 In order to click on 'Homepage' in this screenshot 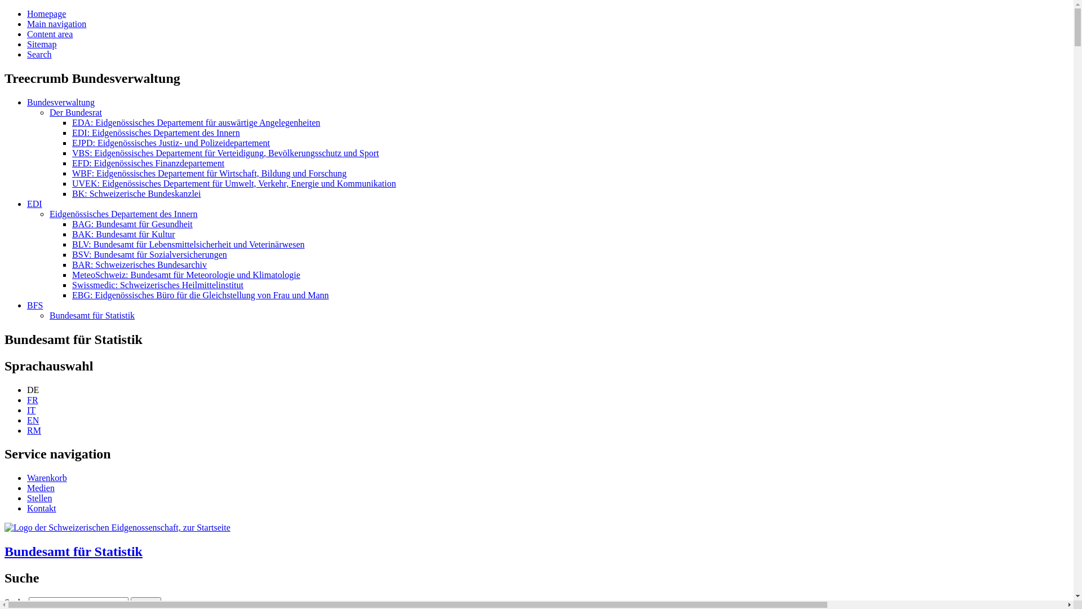, I will do `click(46, 14)`.